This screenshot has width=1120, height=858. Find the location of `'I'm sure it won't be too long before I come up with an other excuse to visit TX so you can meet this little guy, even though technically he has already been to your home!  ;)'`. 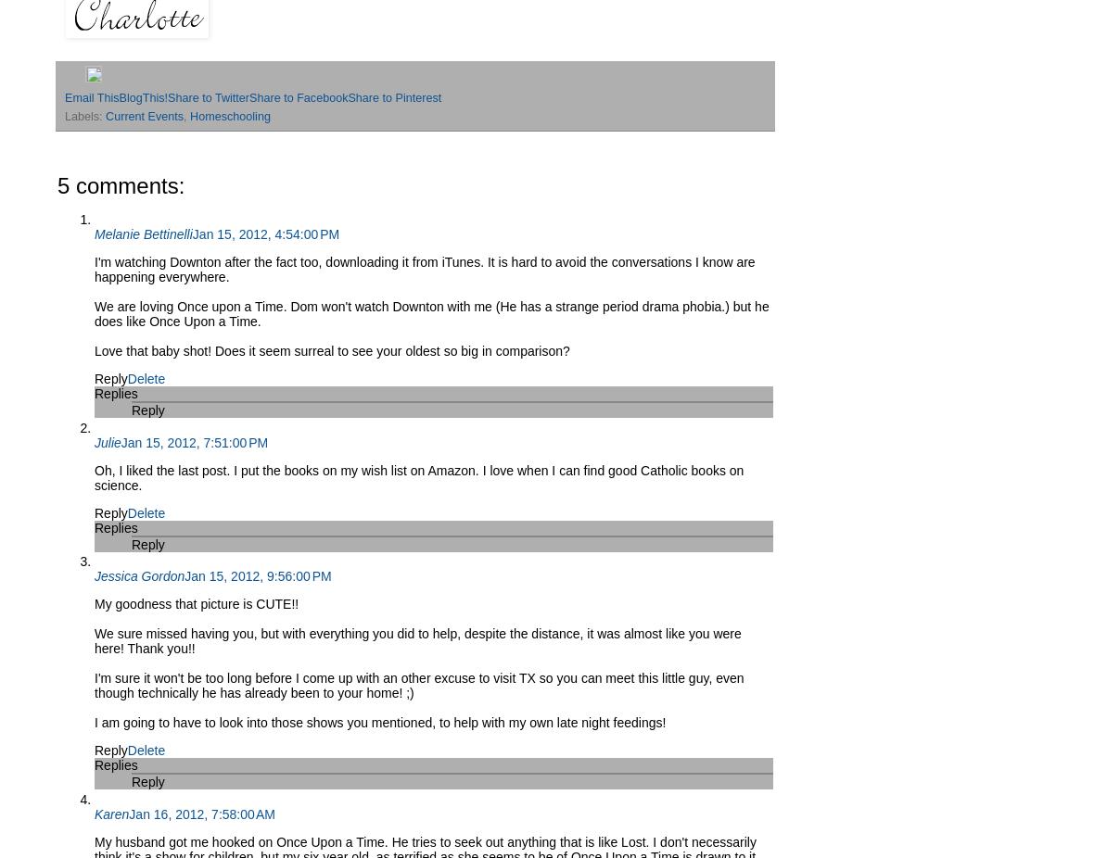

'I'm sure it won't be too long before I come up with an other excuse to visit TX so you can meet this little guy, even though technically he has already been to your home!  ;)' is located at coordinates (418, 685).